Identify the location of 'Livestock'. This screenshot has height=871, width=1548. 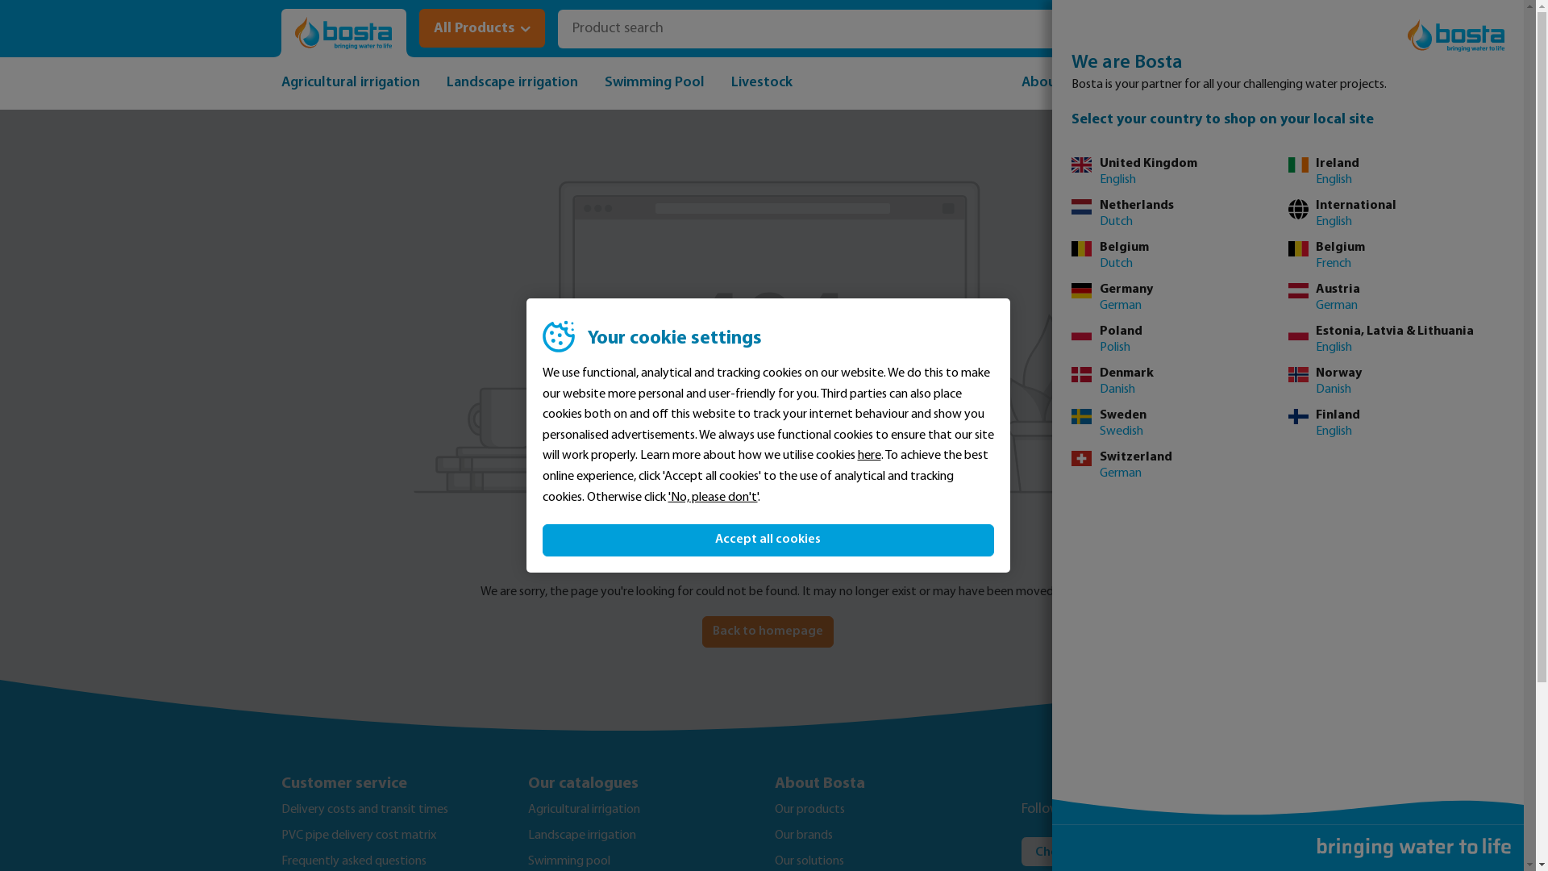
(760, 83).